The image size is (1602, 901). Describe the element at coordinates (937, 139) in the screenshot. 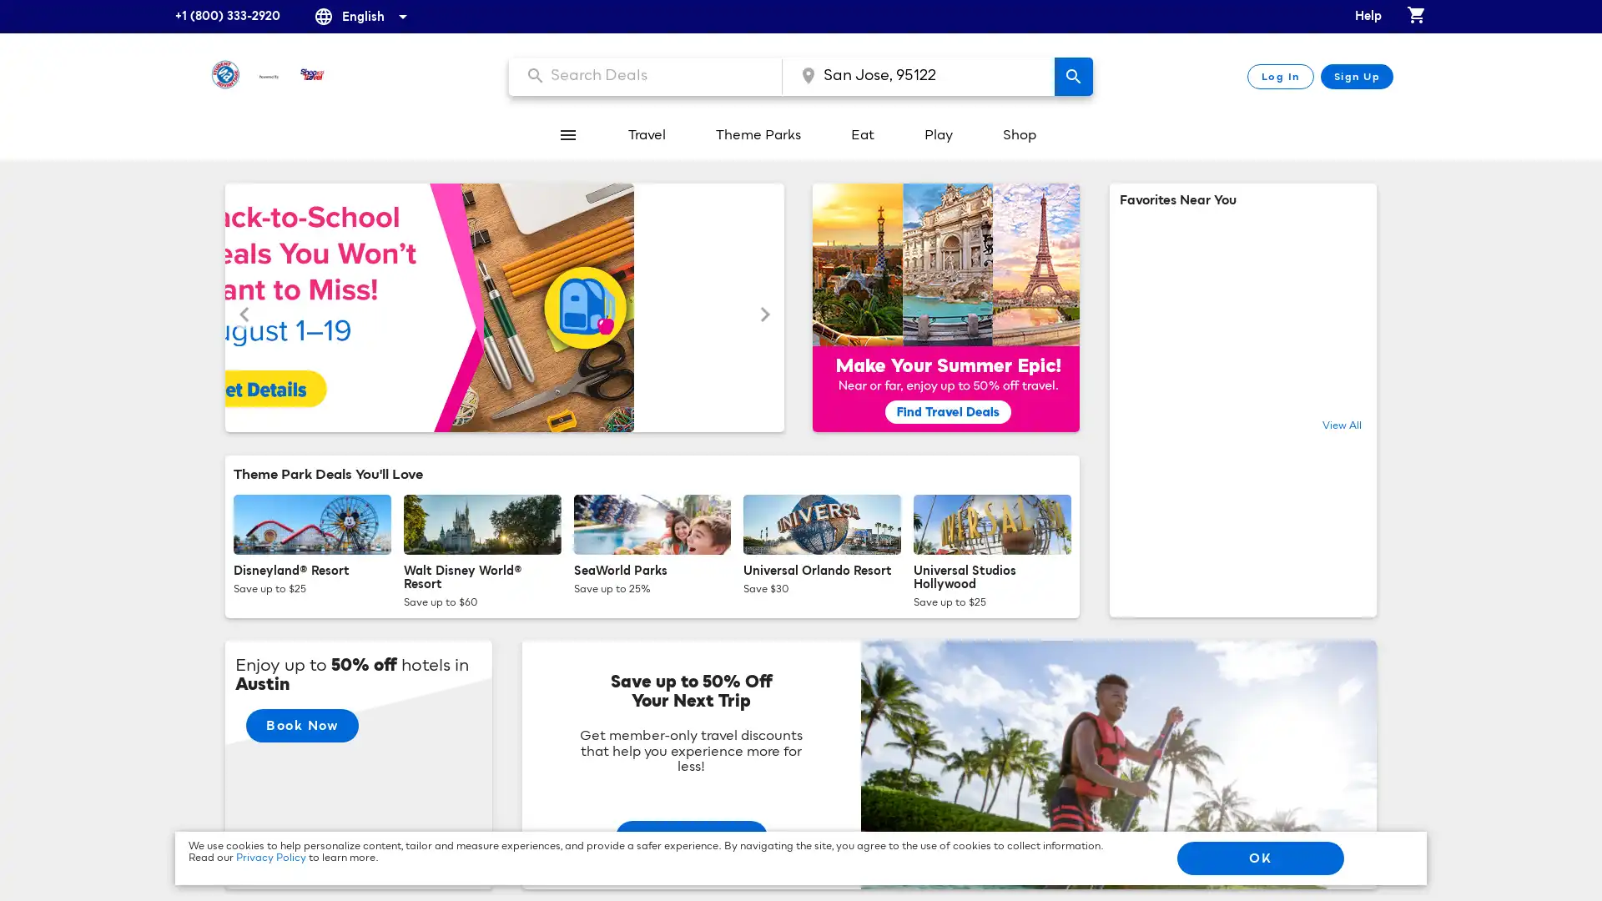

I see `Play` at that location.